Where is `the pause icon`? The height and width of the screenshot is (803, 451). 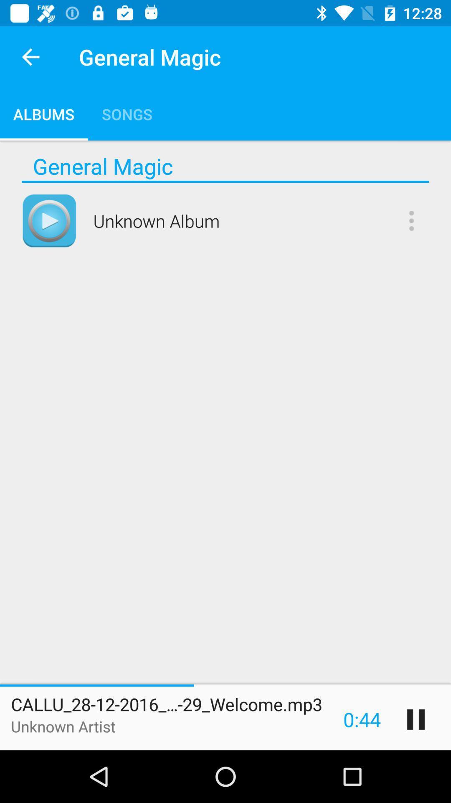
the pause icon is located at coordinates (416, 719).